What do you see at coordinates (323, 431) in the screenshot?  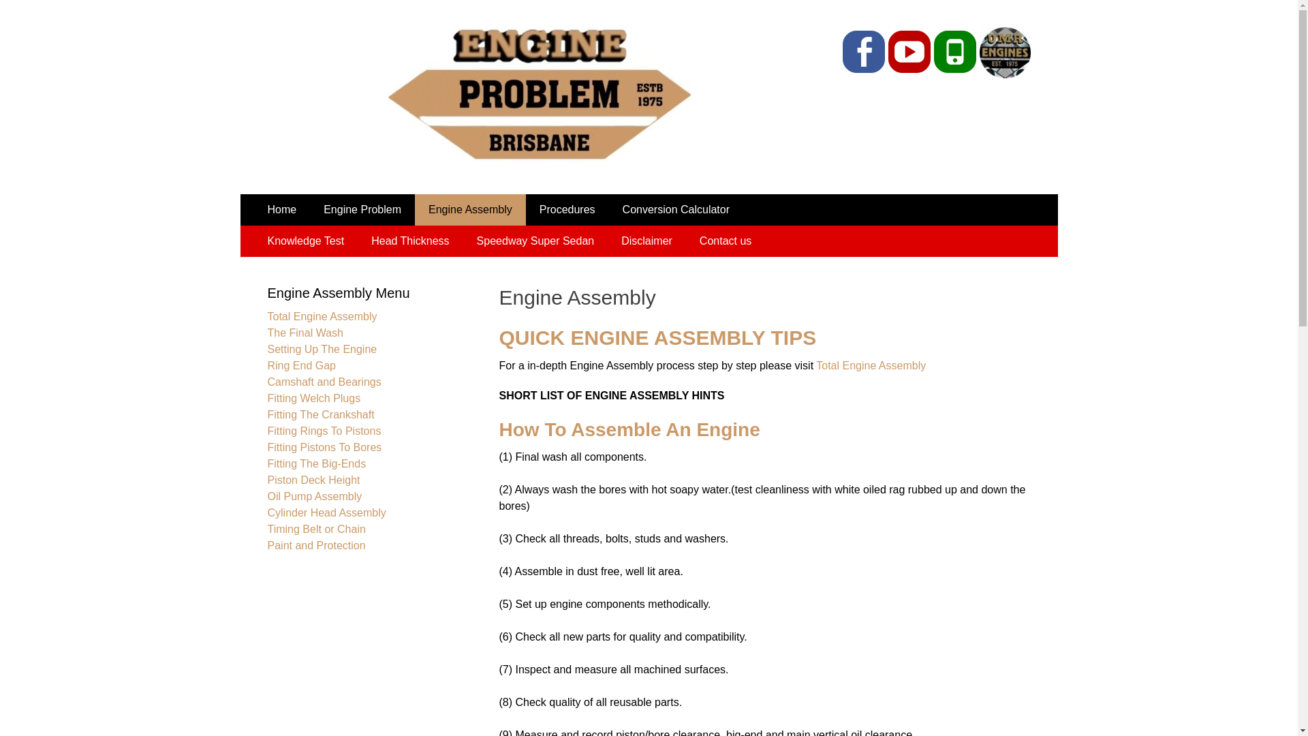 I see `'Fitting Rings To Pistons'` at bounding box center [323, 431].